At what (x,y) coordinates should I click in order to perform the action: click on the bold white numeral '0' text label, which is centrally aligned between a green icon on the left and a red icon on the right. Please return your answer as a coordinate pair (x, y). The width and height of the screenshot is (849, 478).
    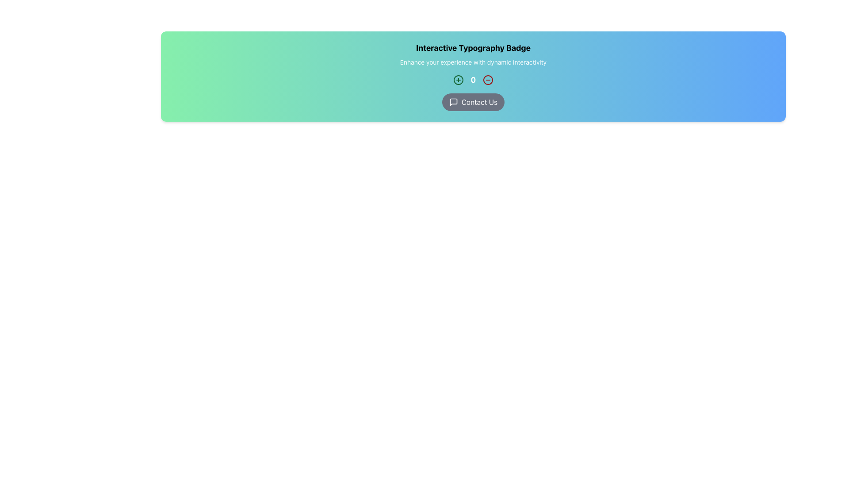
    Looking at the image, I should click on (473, 80).